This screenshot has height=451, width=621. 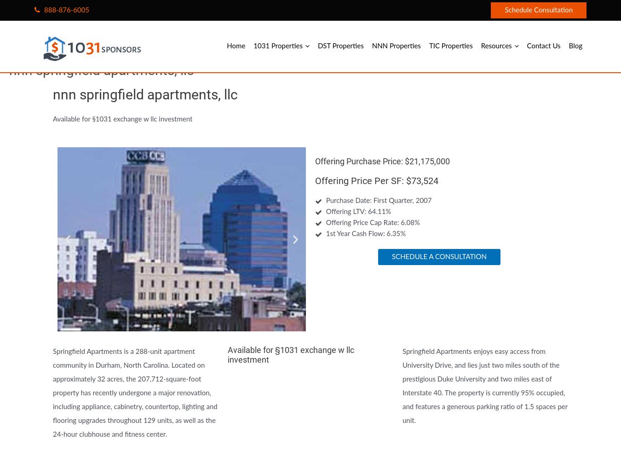 What do you see at coordinates (366, 234) in the screenshot?
I see `'1st Year Cash Flow: 6.35%'` at bounding box center [366, 234].